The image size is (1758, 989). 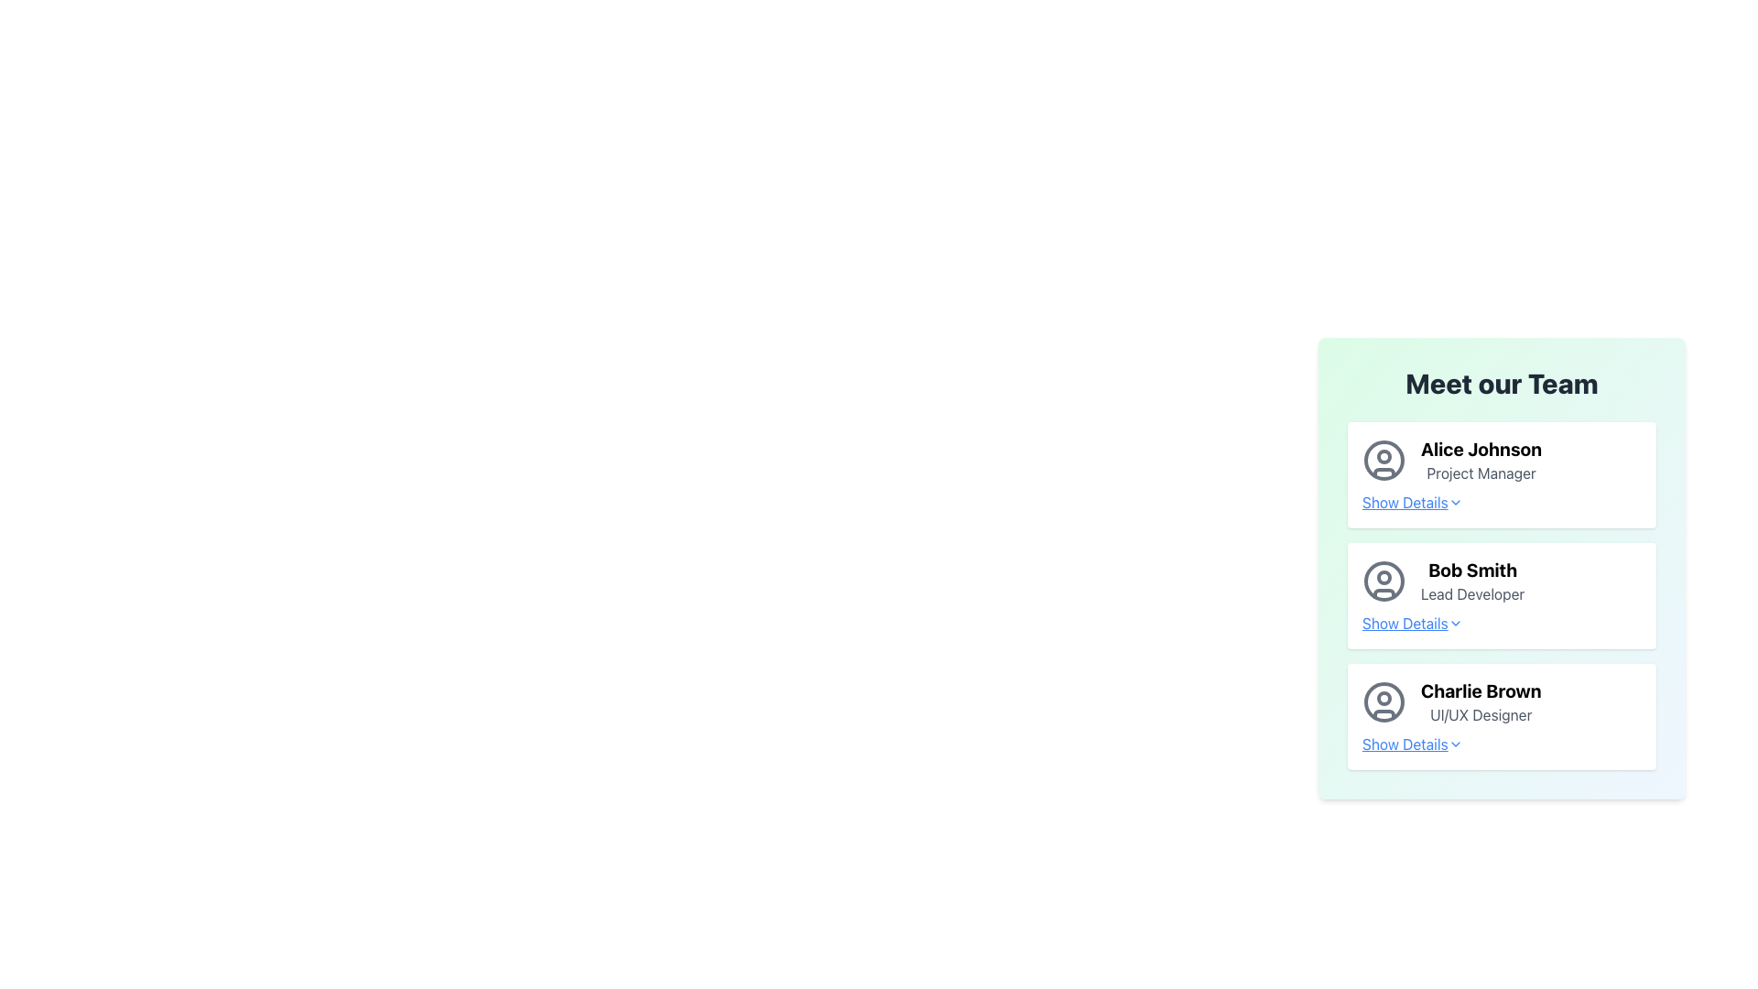 I want to click on the interactive link in the profile card of 'Bob Smith, Lead Developer', so click(x=1411, y=623).